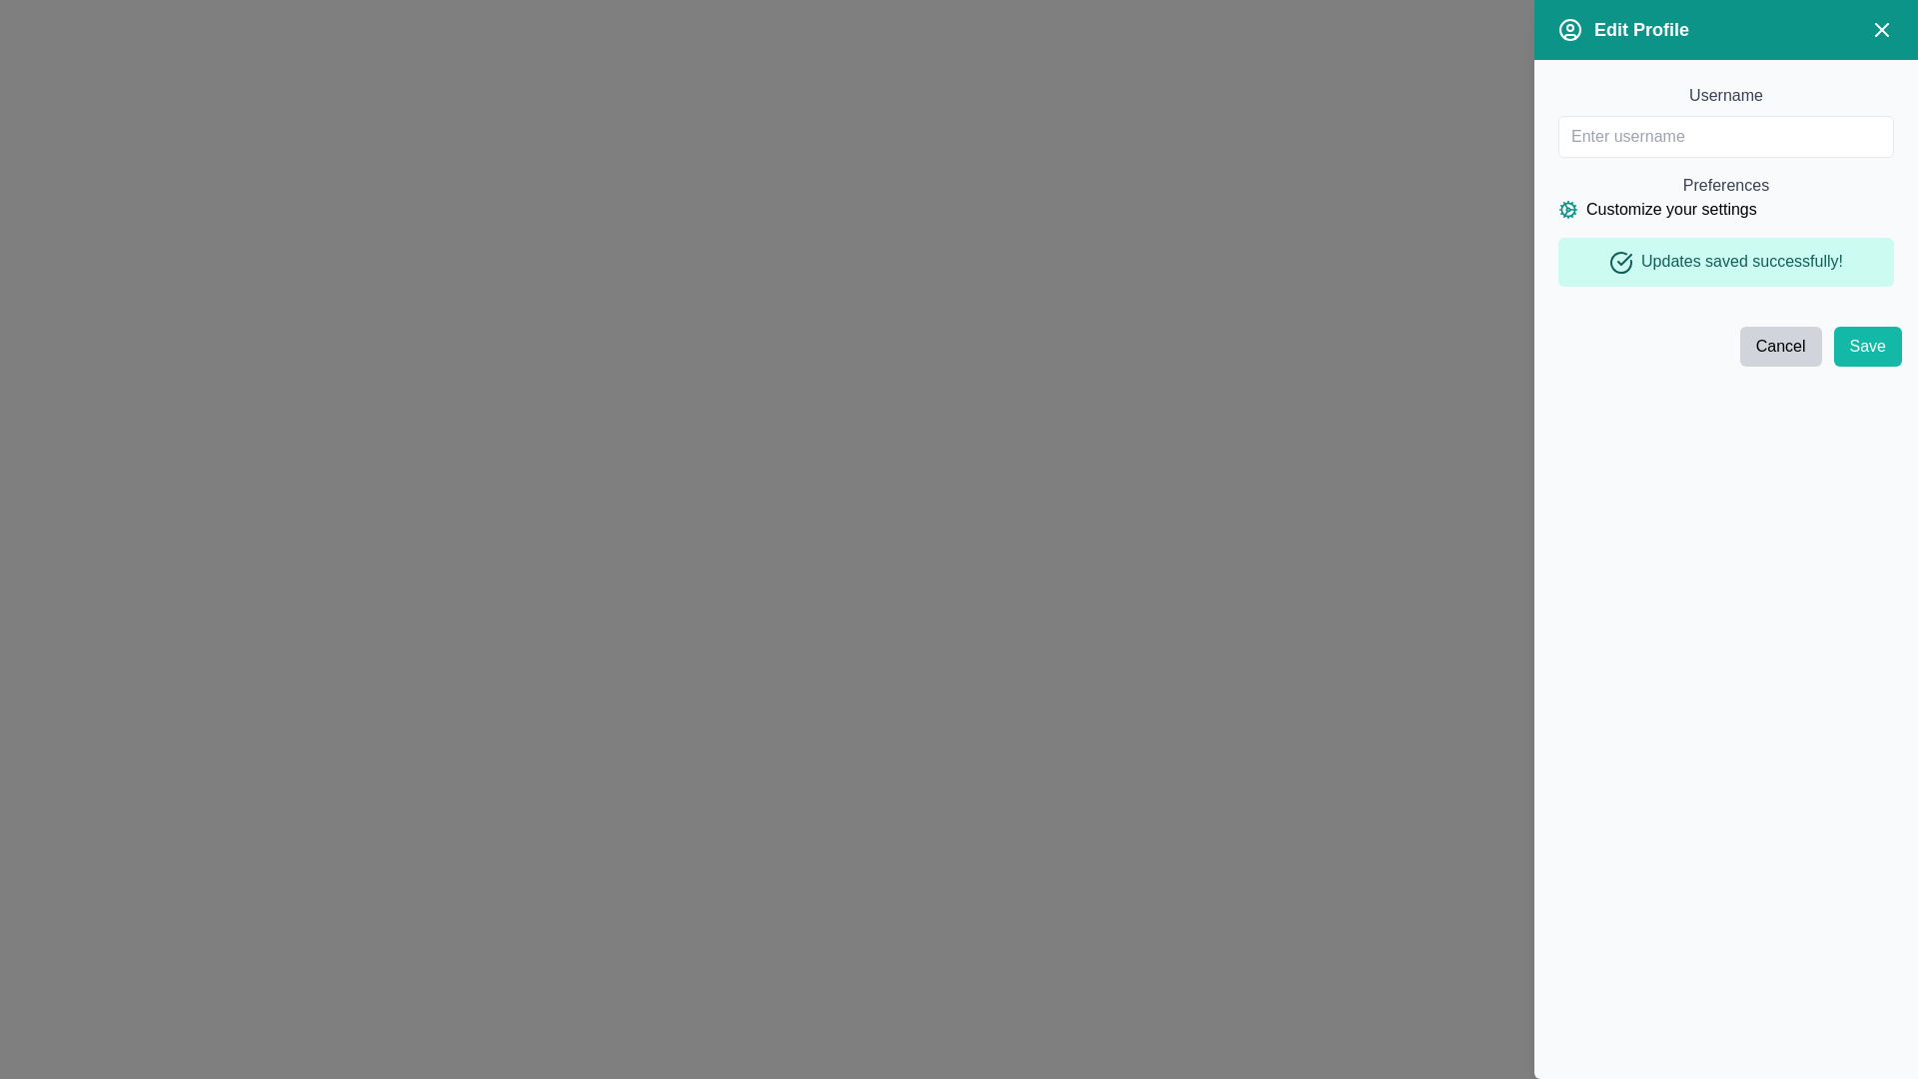 Image resolution: width=1918 pixels, height=1079 pixels. What do you see at coordinates (1620, 261) in the screenshot?
I see `the circular check icon located within the green notification bar labeled 'Updates saved successfully!' in the right panel of the interface` at bounding box center [1620, 261].